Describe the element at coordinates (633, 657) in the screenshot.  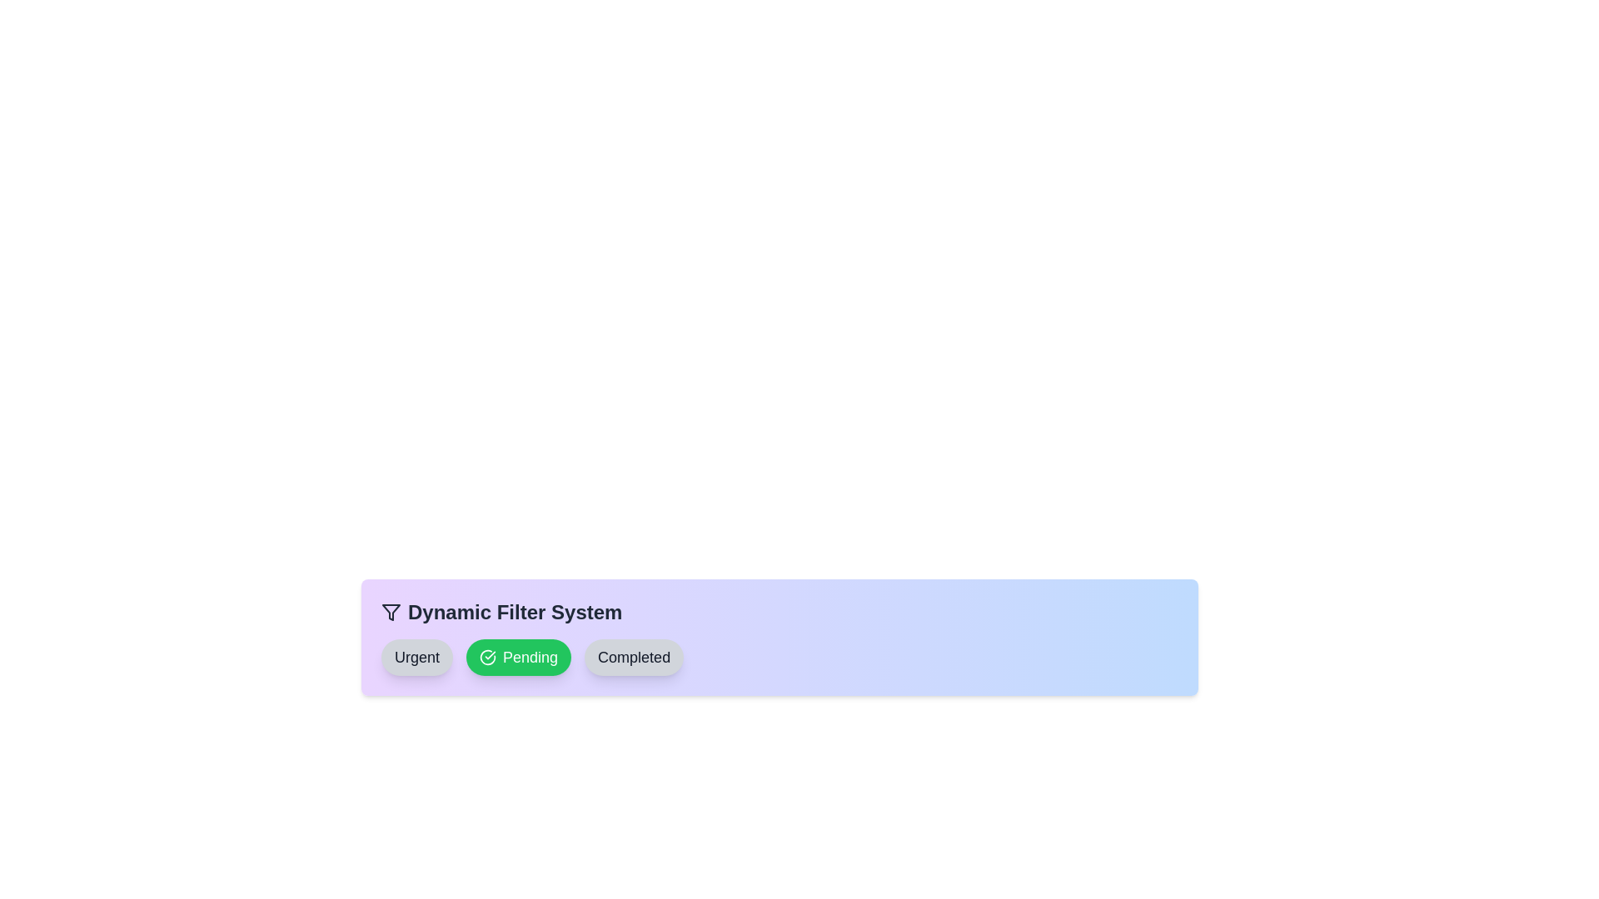
I see `the filter chip labeled Completed` at that location.